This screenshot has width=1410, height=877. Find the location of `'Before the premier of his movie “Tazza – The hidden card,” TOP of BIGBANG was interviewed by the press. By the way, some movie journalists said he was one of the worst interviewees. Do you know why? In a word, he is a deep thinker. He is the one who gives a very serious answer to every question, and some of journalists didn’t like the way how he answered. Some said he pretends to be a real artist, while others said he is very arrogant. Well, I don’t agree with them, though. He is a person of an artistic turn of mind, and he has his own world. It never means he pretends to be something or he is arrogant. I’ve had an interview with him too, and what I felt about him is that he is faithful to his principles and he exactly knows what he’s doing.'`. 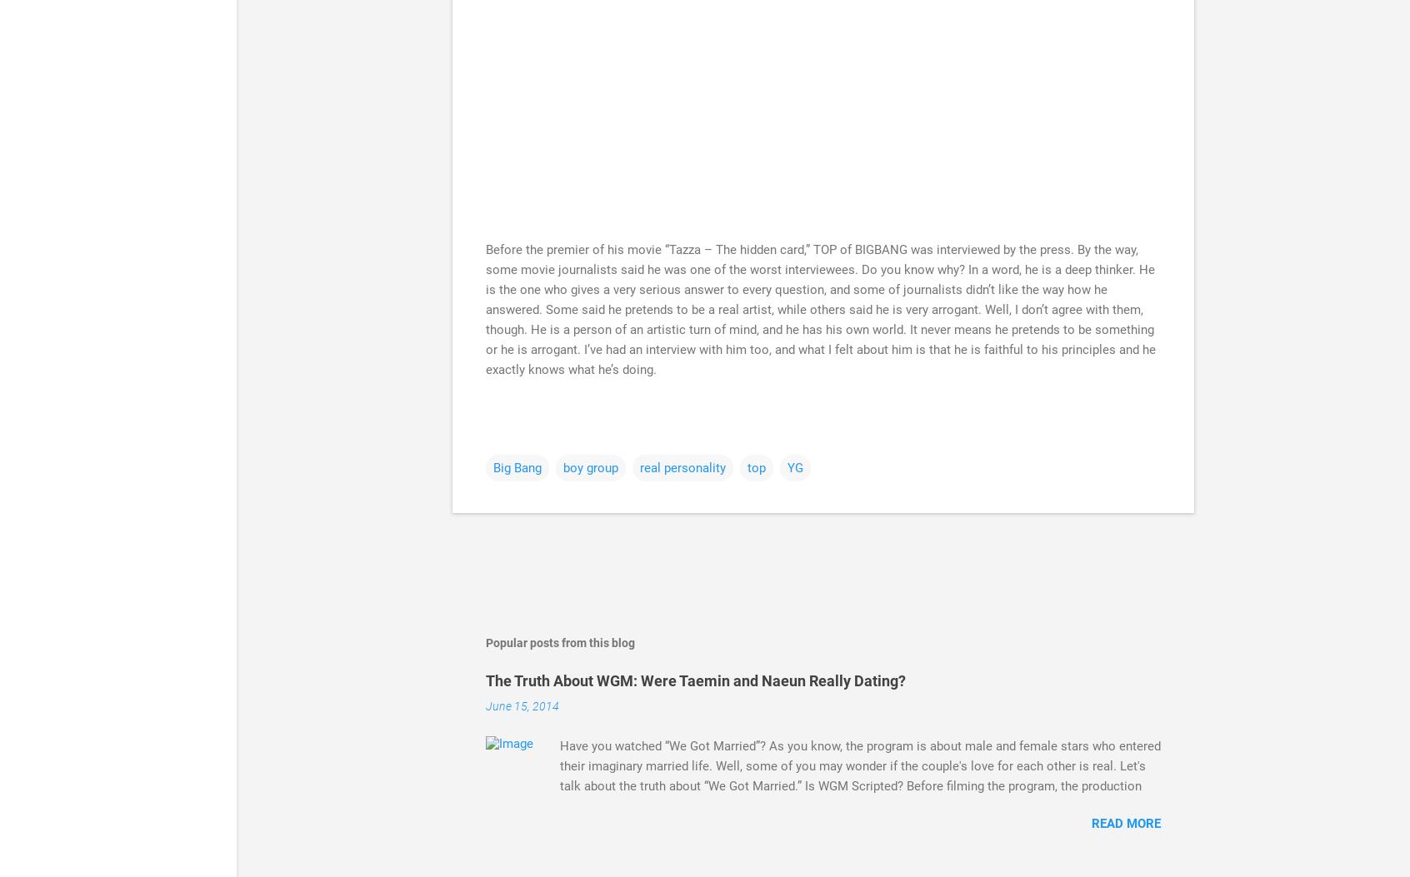

'Before the premier of his movie “Tazza – The hidden card,” TOP of BIGBANG was interviewed by the press. By the way, some movie journalists said he was one of the worst interviewees. Do you know why? In a word, he is a deep thinker. He is the one who gives a very serious answer to every question, and some of journalists didn’t like the way how he answered. Some said he pretends to be a real artist, while others said he is very arrogant. Well, I don’t agree with them, though. He is a person of an artistic turn of mind, and he has his own world. It never means he pretends to be something or he is arrogant. I’ve had an interview with him too, and what I felt about him is that he is faithful to his principles and he exactly knows what he’s doing.' is located at coordinates (485, 309).